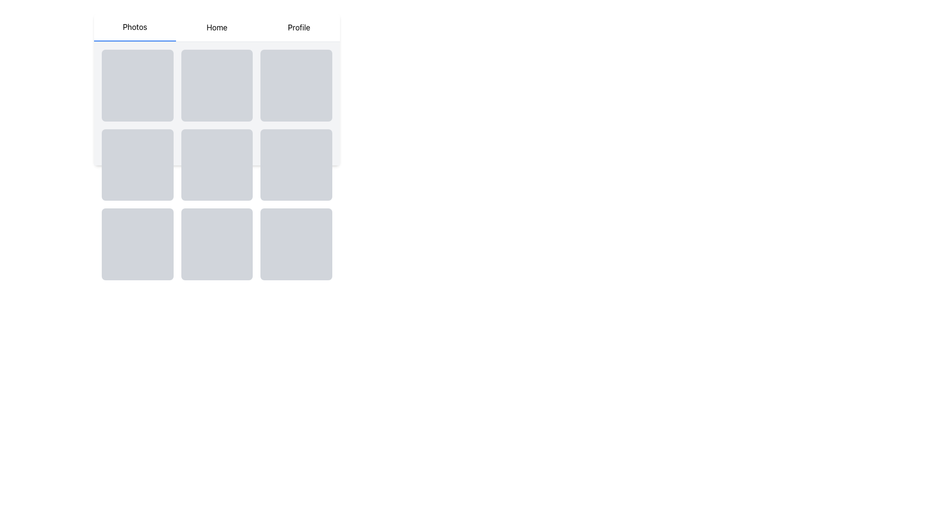  Describe the element at coordinates (217, 165) in the screenshot. I see `the central tile in the 3x3 grid layout to interact with it, if enabled` at that location.